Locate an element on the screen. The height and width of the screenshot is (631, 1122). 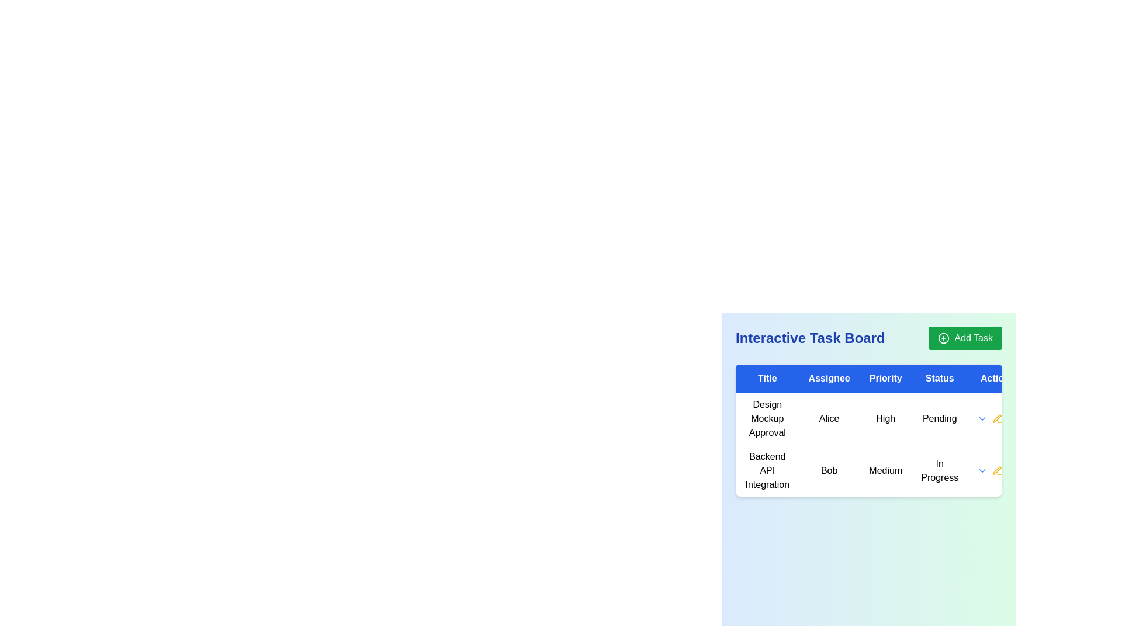
the 'High' priority text label located in the third column of the top row under the 'Priority' column of the table is located at coordinates (885, 418).